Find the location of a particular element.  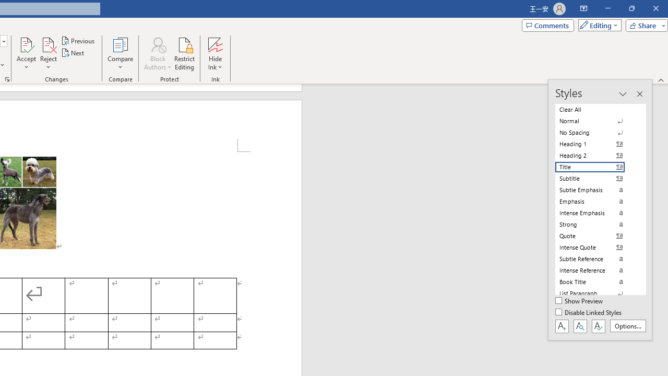

'Options...' is located at coordinates (627, 325).